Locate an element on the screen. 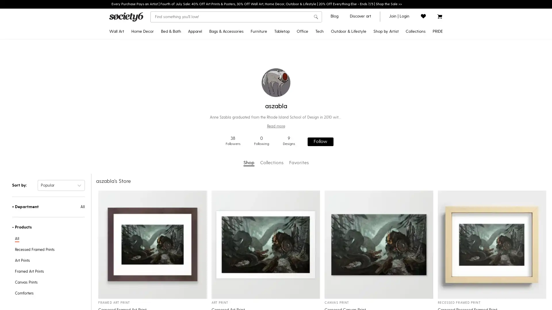  iPhone Card Cases is located at coordinates (340, 83).